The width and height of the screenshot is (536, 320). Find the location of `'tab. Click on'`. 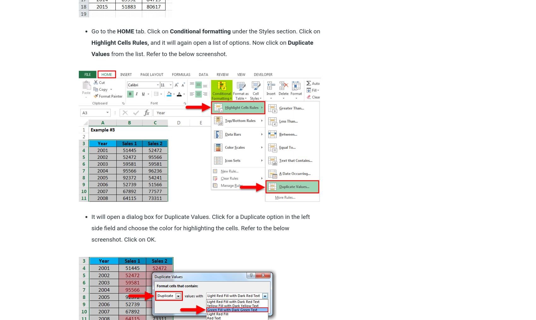

'tab. Click on' is located at coordinates (152, 31).